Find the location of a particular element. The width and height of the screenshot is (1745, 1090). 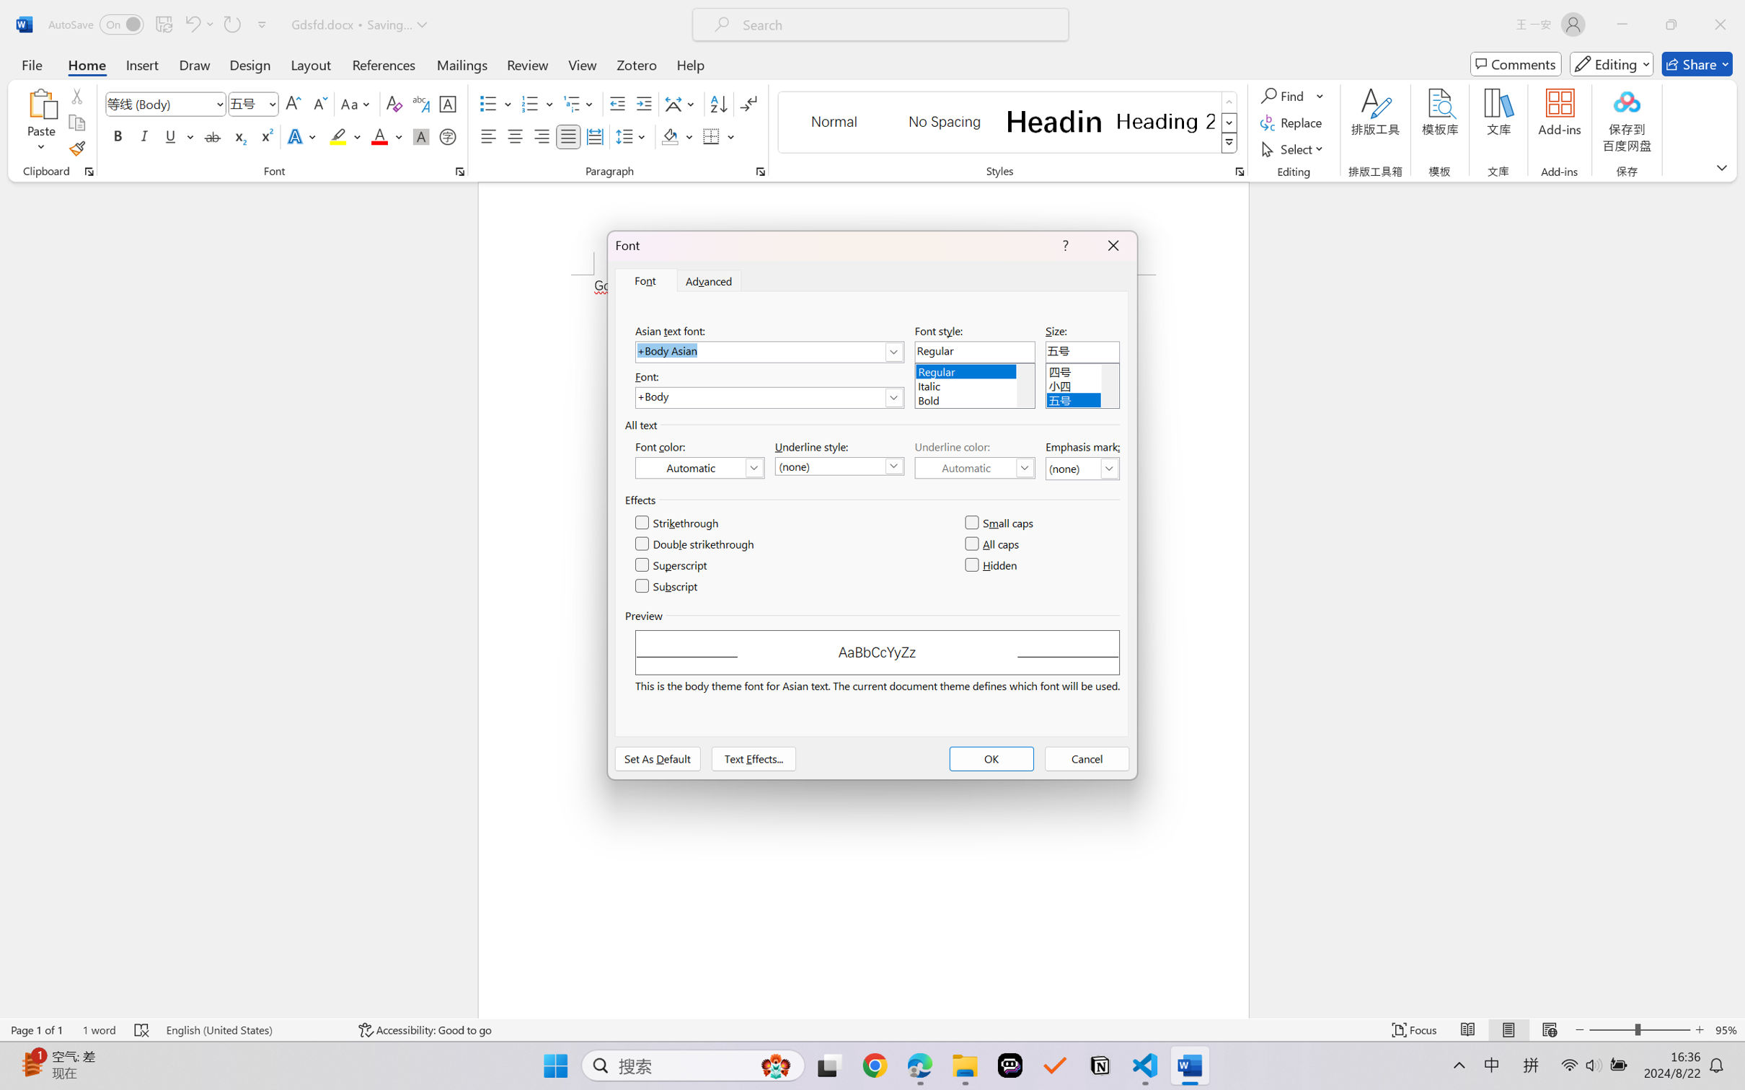

'Subscript' is located at coordinates (667, 586).